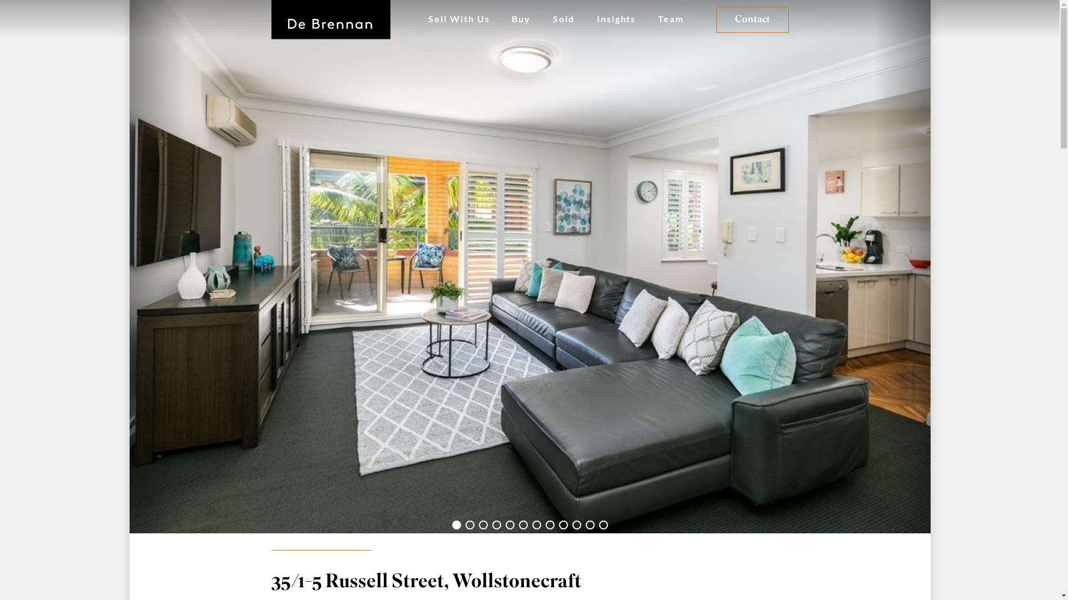 The width and height of the screenshot is (1068, 600). What do you see at coordinates (550, 525) in the screenshot?
I see `'8'` at bounding box center [550, 525].